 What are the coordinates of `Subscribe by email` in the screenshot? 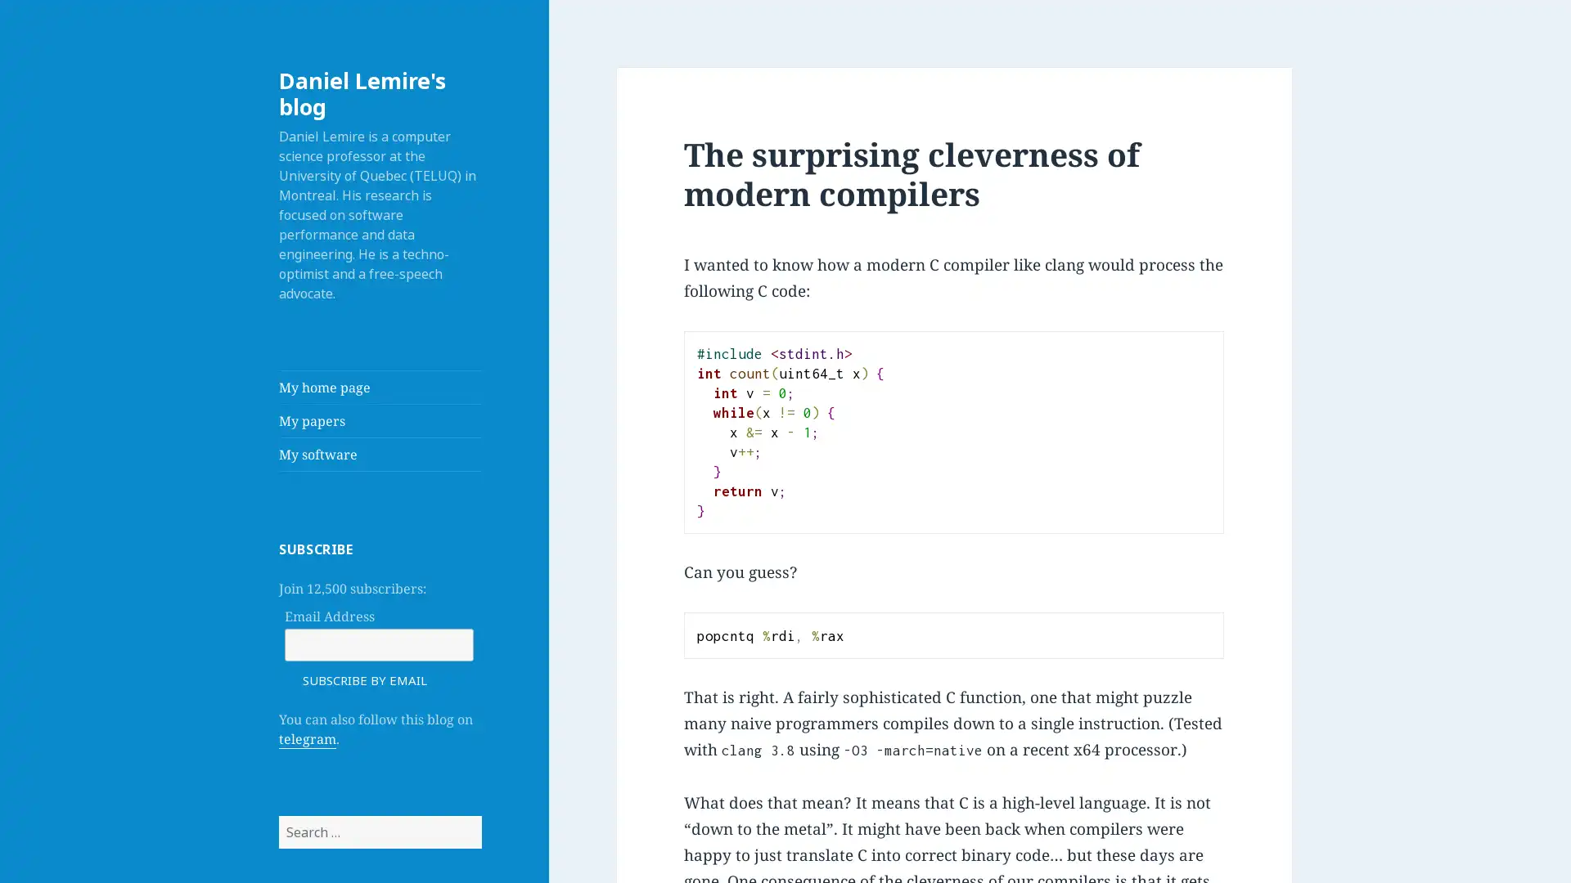 It's located at (364, 679).